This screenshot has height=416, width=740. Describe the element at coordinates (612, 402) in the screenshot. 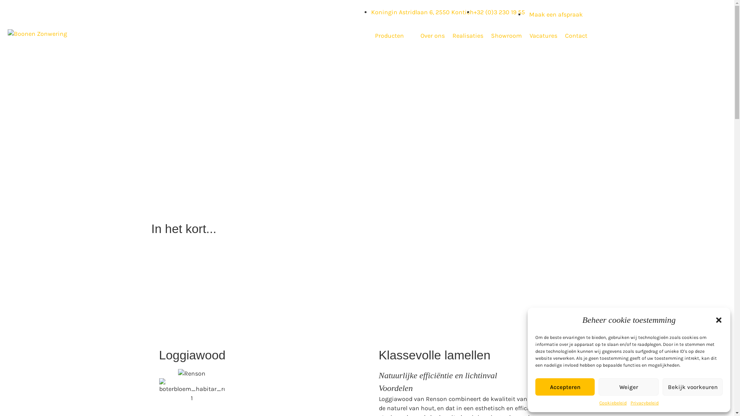

I see `'Cookiebeleid'` at that location.